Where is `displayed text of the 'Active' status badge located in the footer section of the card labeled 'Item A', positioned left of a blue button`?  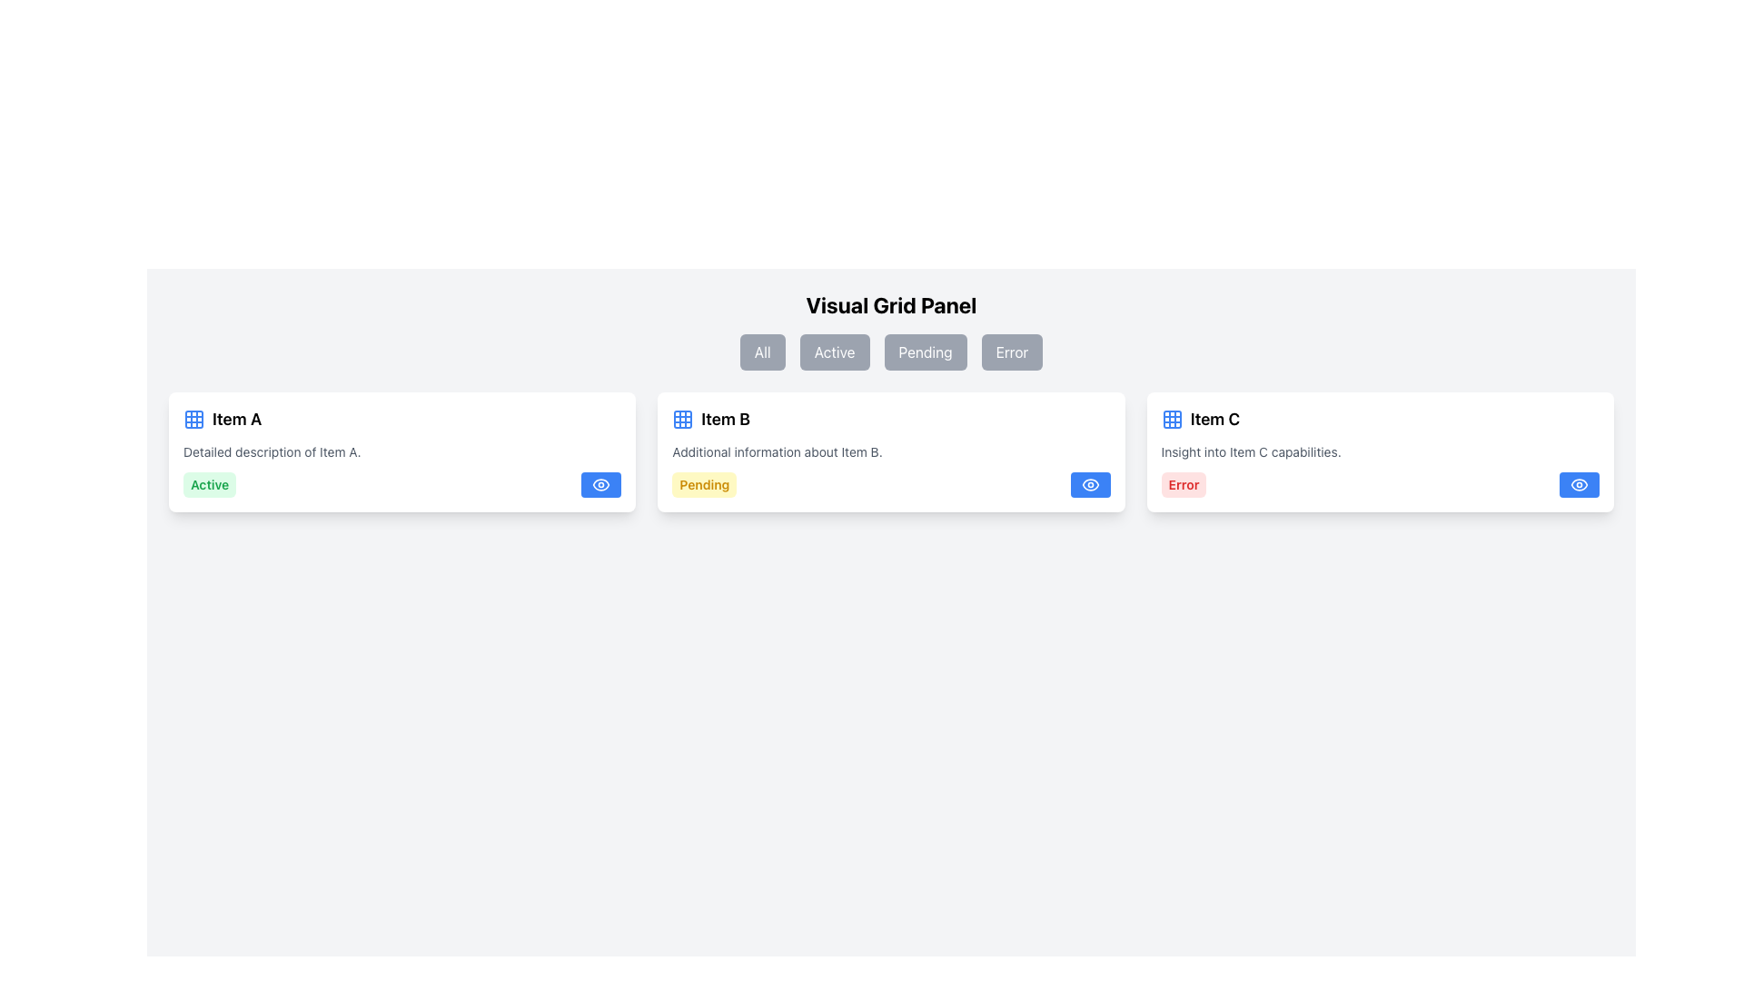 displayed text of the 'Active' status badge located in the footer section of the card labeled 'Item A', positioned left of a blue button is located at coordinates (210, 483).